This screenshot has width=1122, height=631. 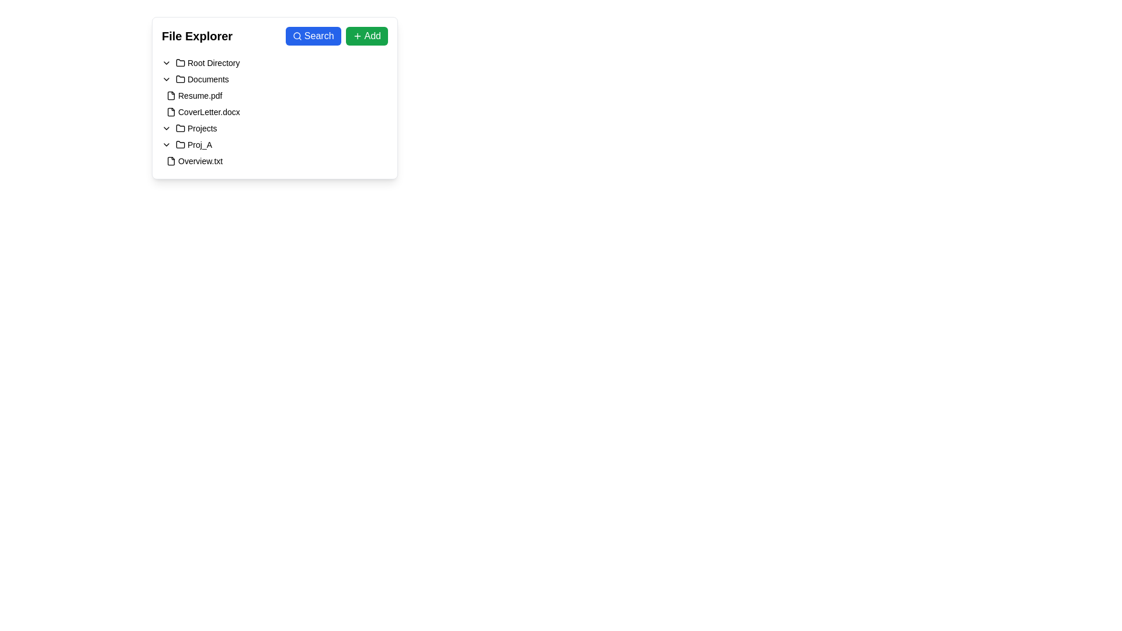 What do you see at coordinates (179, 79) in the screenshot?
I see `folder icon representing the 'Documents' directory in the file explorer, which is visually adjacent to the 'Documents' text element` at bounding box center [179, 79].